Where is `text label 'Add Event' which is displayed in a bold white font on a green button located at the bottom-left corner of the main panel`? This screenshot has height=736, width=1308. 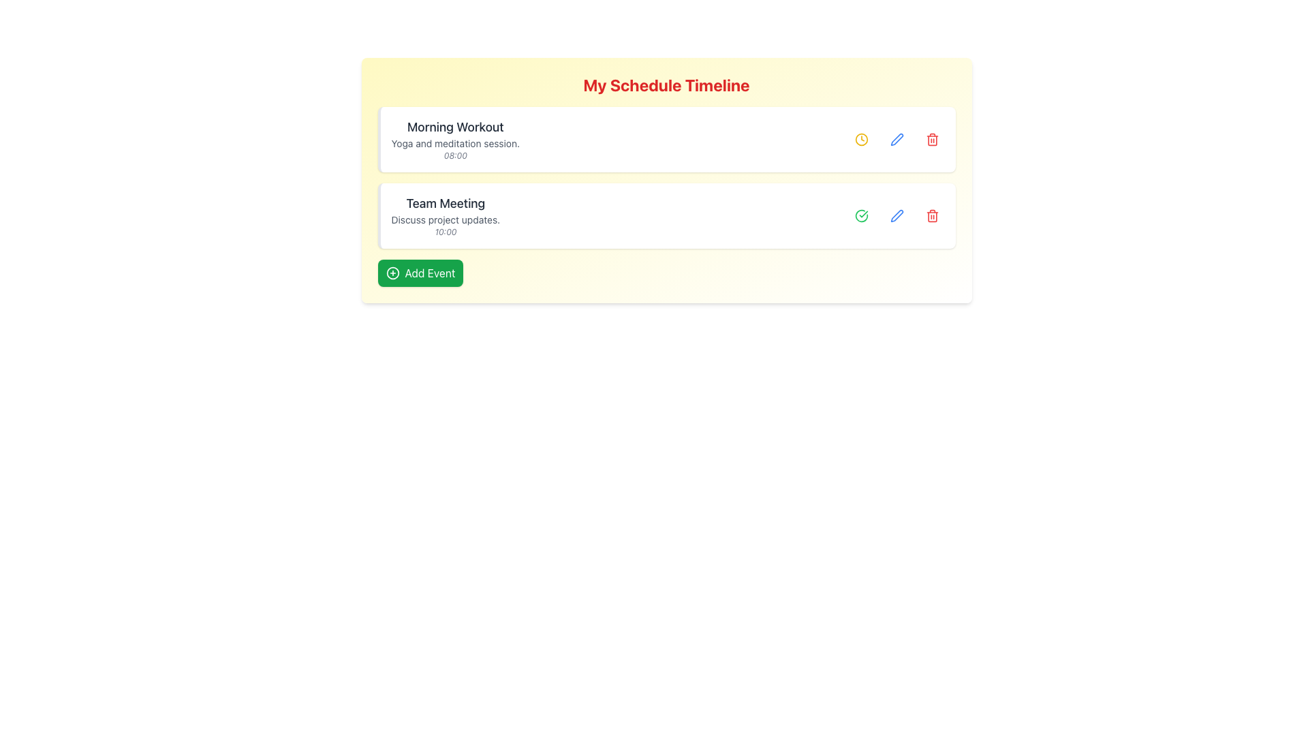
text label 'Add Event' which is displayed in a bold white font on a green button located at the bottom-left corner of the main panel is located at coordinates (429, 273).